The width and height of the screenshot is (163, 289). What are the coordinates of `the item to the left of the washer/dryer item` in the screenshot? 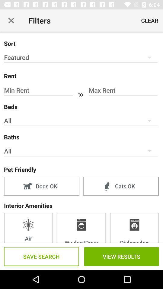 It's located at (28, 227).